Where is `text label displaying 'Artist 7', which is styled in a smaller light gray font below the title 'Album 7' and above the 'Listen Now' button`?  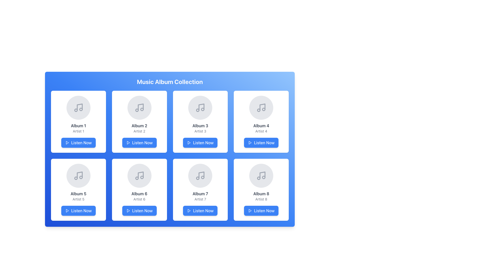
text label displaying 'Artist 7', which is styled in a smaller light gray font below the title 'Album 7' and above the 'Listen Now' button is located at coordinates (200, 199).